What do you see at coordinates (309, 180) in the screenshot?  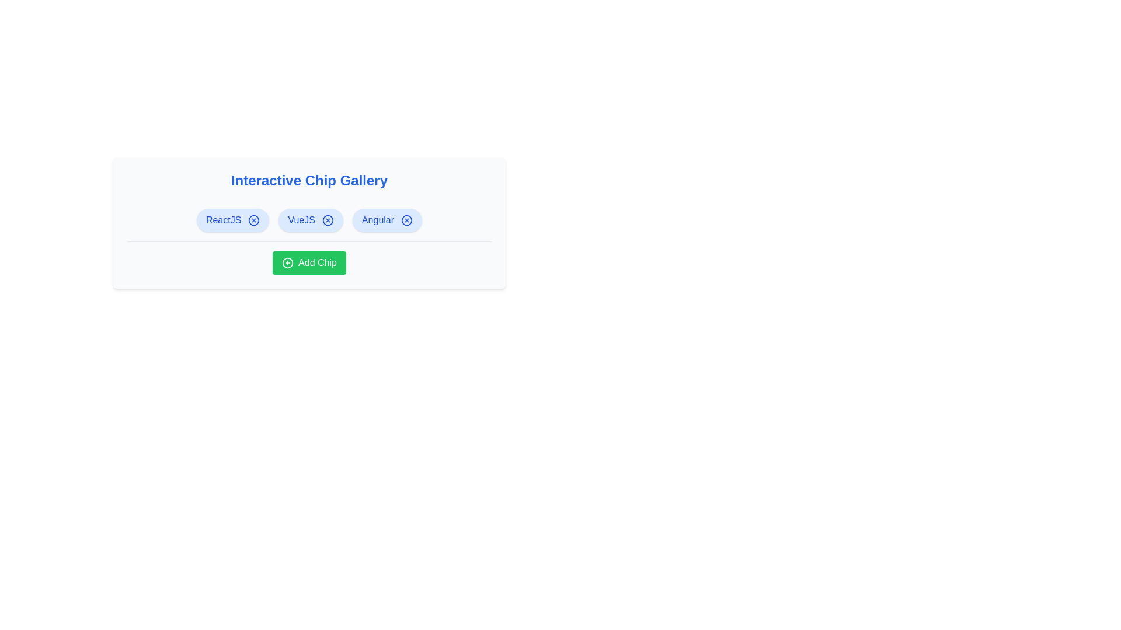 I see `the header text 'Interactive Chip Gallery' and read its content` at bounding box center [309, 180].